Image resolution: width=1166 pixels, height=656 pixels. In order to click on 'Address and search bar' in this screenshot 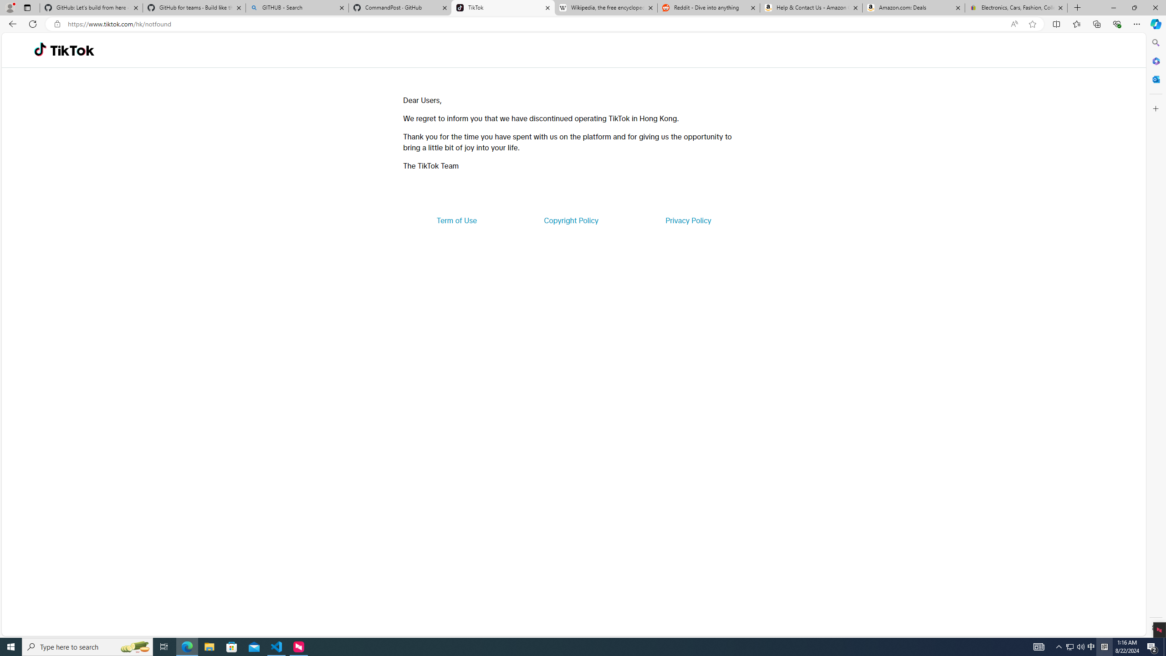, I will do `click(537, 24)`.